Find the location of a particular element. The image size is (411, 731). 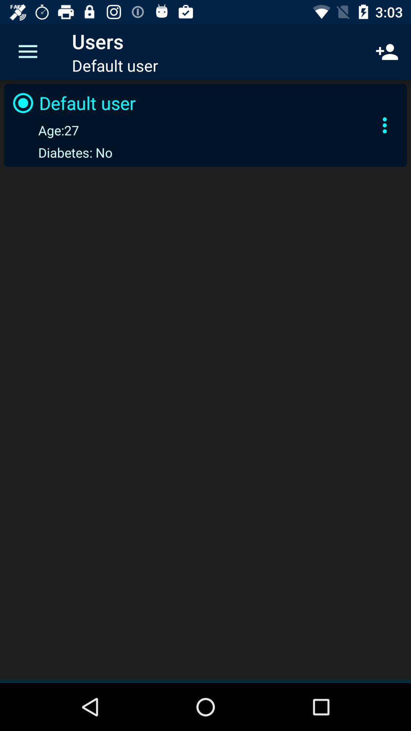

the icon next to default user icon is located at coordinates (387, 51).